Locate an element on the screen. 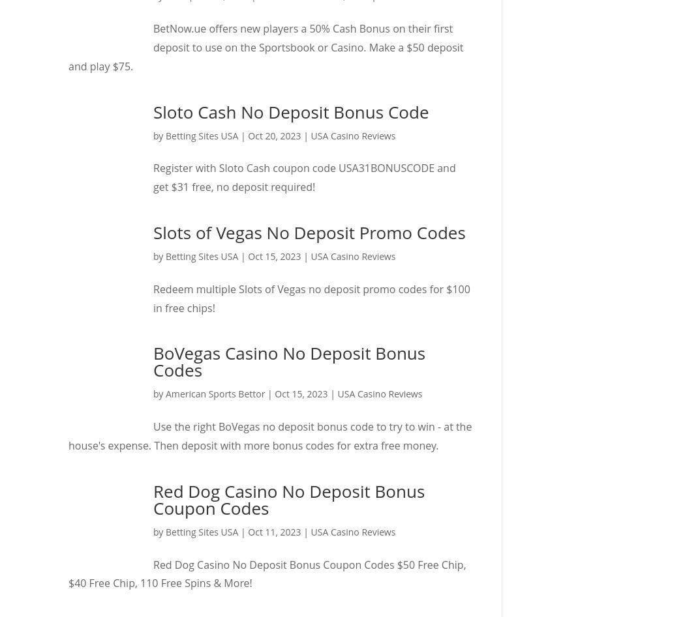 The image size is (685, 617). 'BetNow.ue offers new players a 50% Cash Bonus on their first deposit to use on the Sportsbook or Casino. Make a $50 deposit and play $75.' is located at coordinates (266, 47).